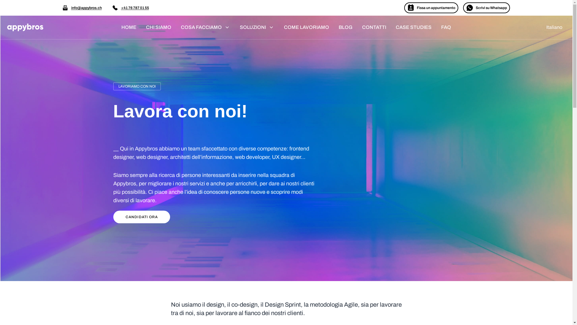  I want to click on 'FAQ', so click(446, 27).